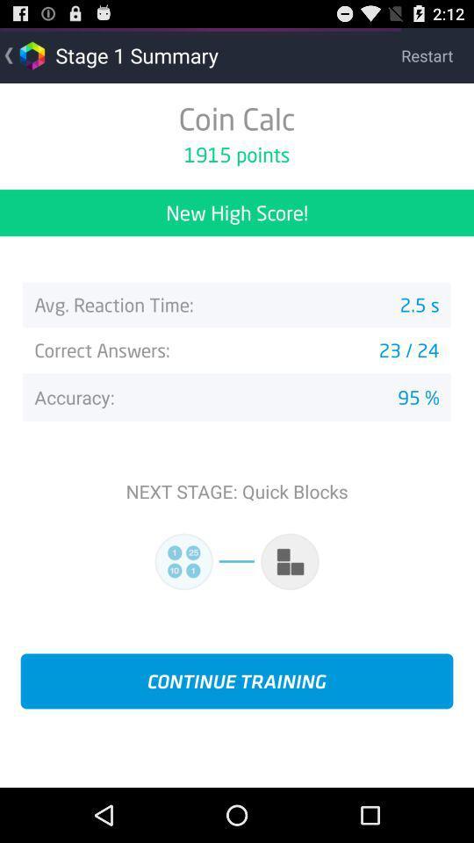 The image size is (474, 843). What do you see at coordinates (436, 54) in the screenshot?
I see `the app above coin calc` at bounding box center [436, 54].